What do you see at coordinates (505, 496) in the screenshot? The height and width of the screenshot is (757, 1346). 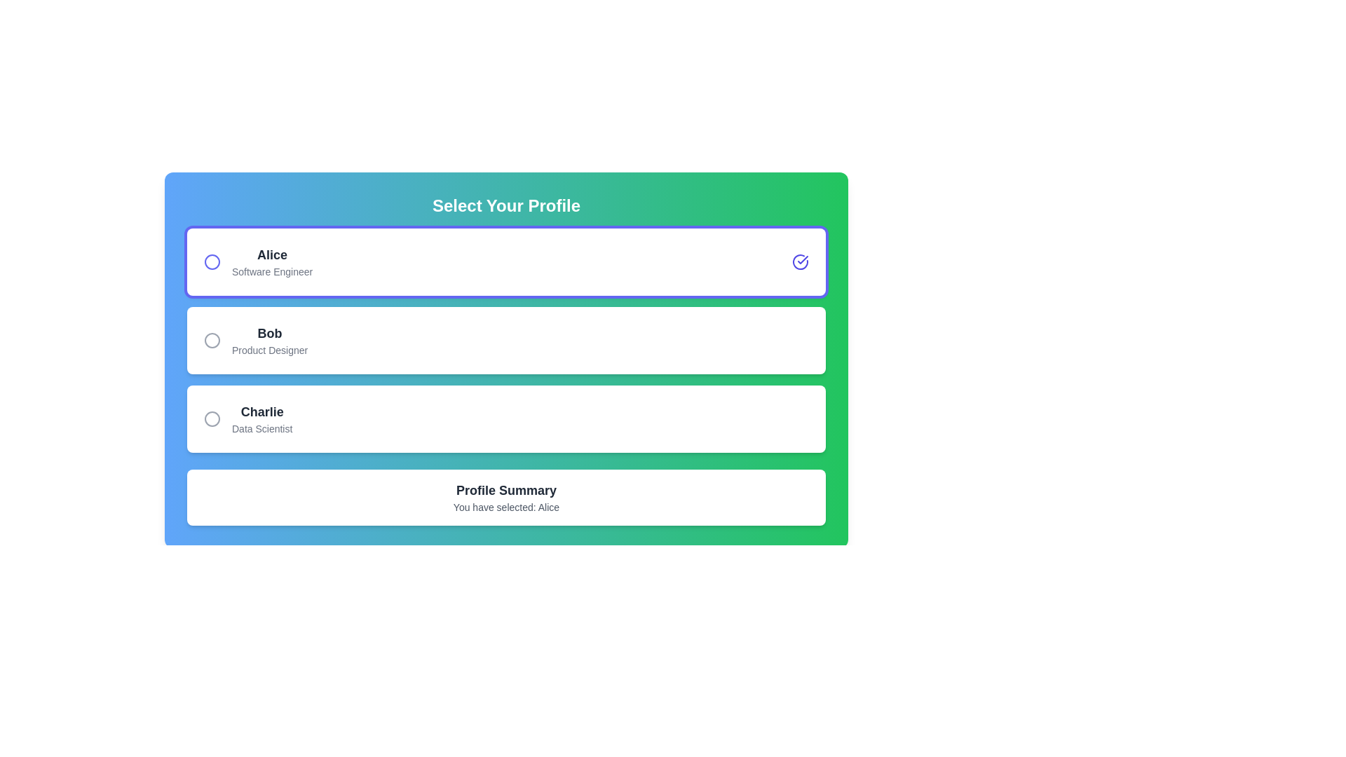 I see `the Informational Card displaying 'Profile Summary' and 'You have selected: Alice', located at the bottom of the profile selection section` at bounding box center [505, 496].